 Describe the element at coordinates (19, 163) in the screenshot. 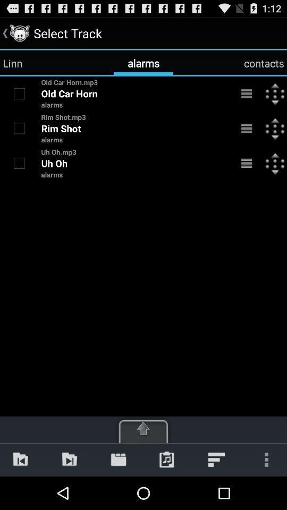

I see `uh oh selection` at that location.